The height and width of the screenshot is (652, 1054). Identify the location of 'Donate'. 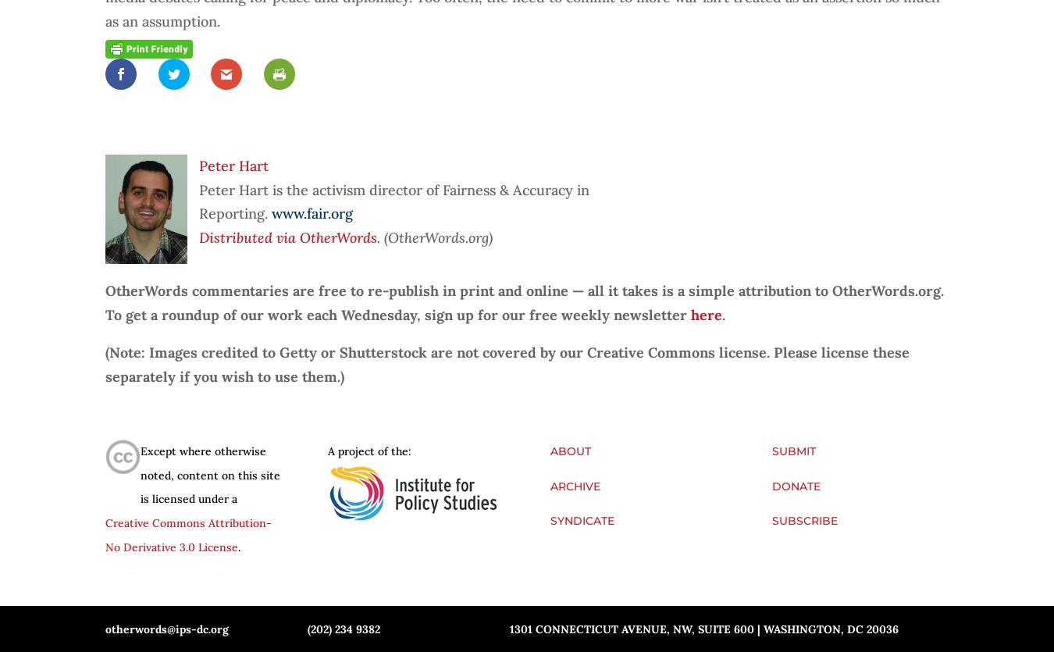
(796, 484).